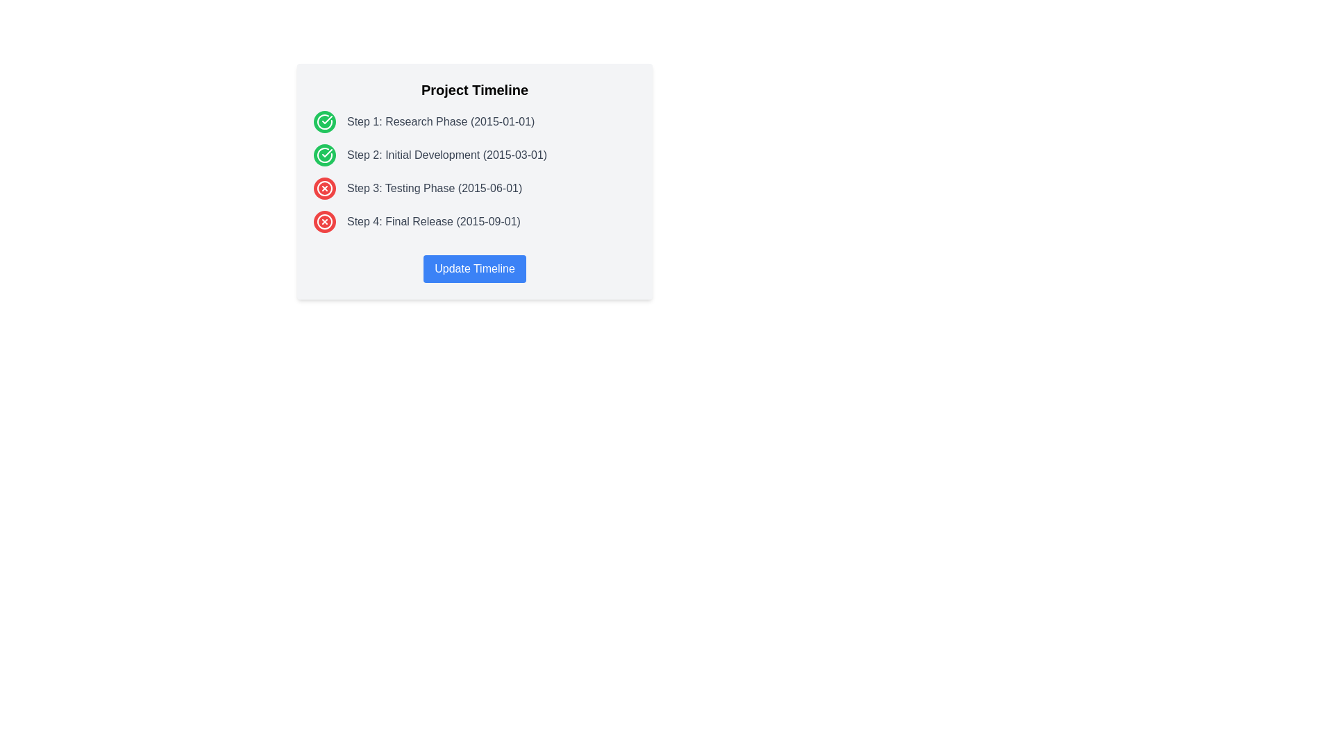 This screenshot has width=1333, height=749. What do you see at coordinates (324, 221) in the screenshot?
I see `the red error icon with an 'X' shape, which is the fourth status icon in the vertical list next to 'Step 4: Final Release (2015-09-01)'` at bounding box center [324, 221].